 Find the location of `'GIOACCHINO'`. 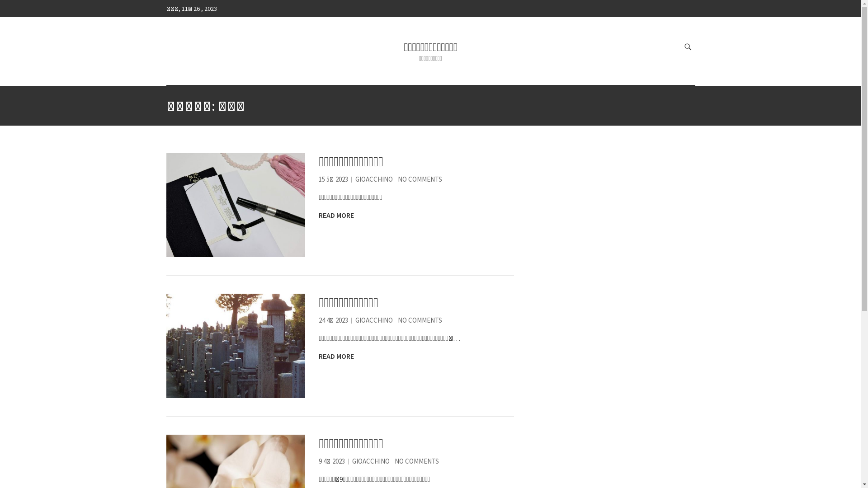

'GIOACCHINO' is located at coordinates (374, 179).